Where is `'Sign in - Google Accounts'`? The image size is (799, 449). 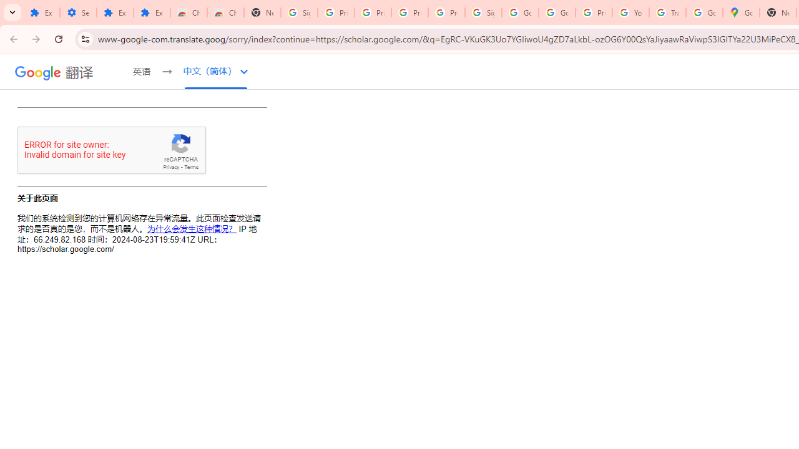
'Sign in - Google Accounts' is located at coordinates (300, 12).